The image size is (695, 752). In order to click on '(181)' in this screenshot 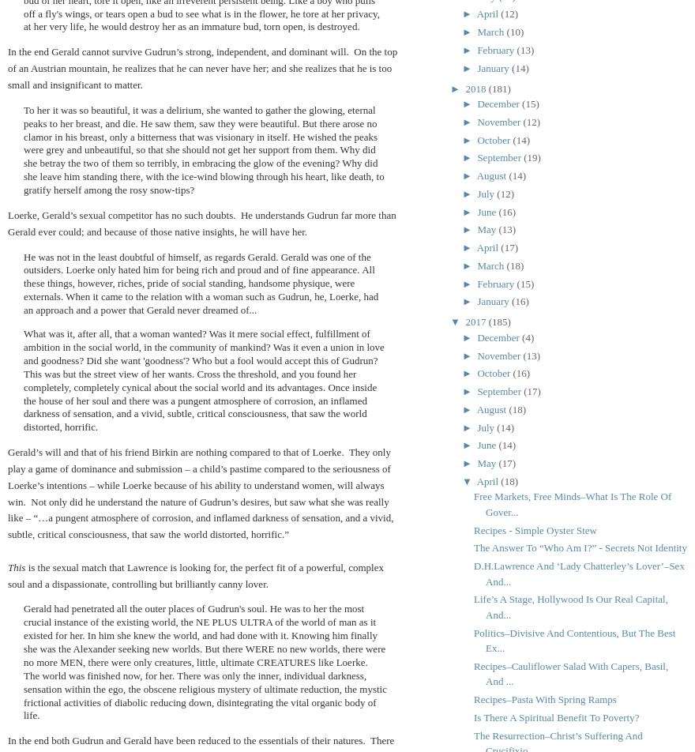, I will do `click(499, 88)`.